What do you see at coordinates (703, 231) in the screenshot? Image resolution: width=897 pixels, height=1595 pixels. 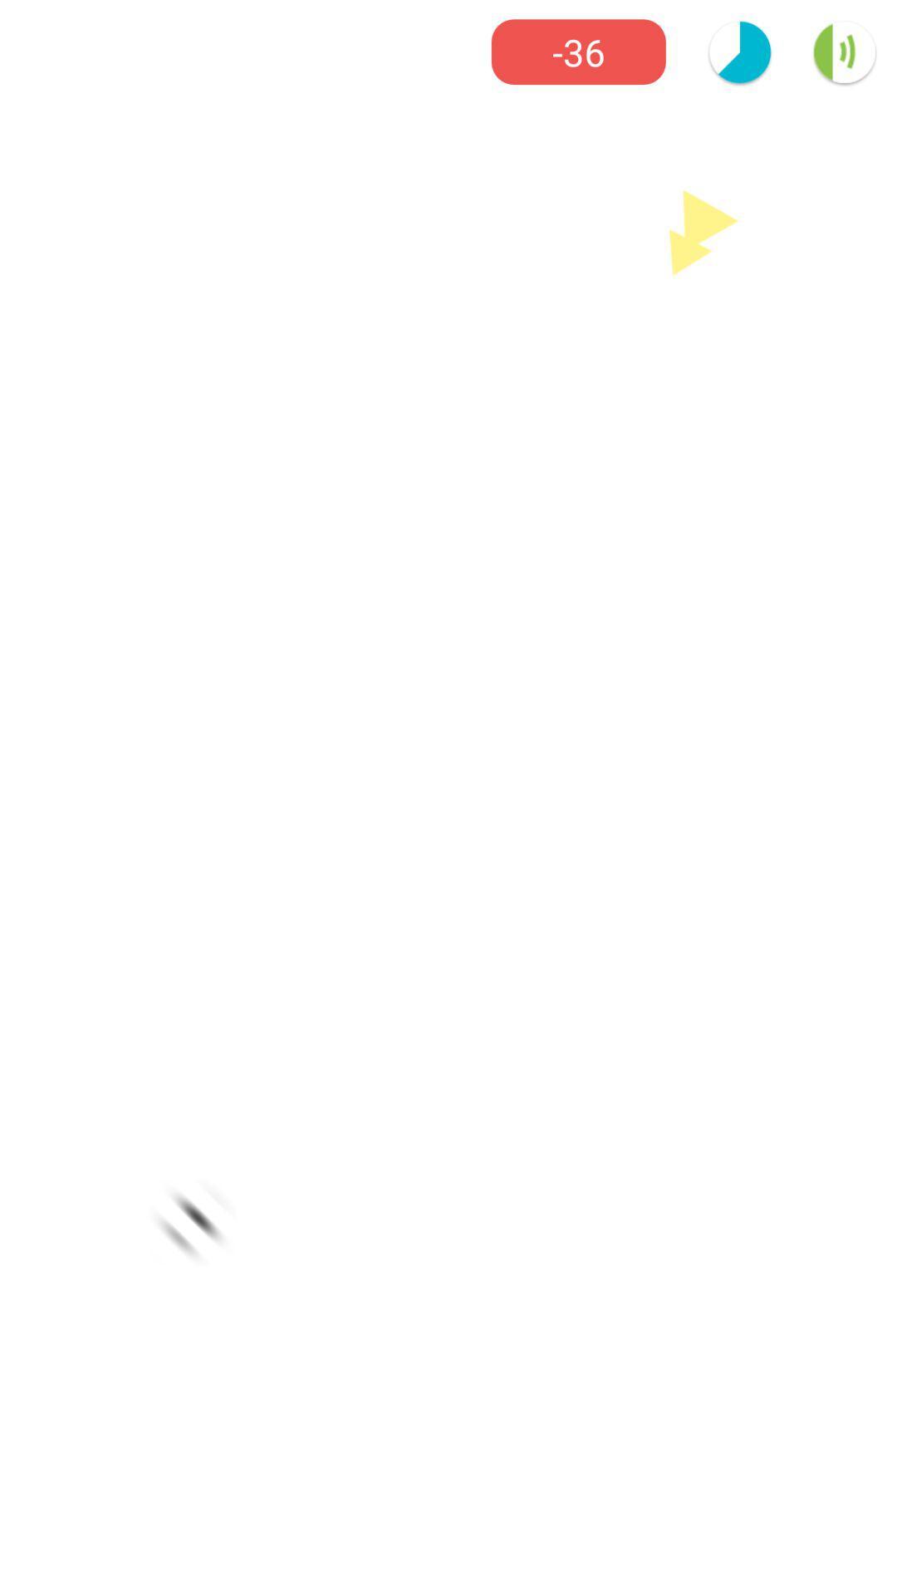 I see `the play icon` at bounding box center [703, 231].